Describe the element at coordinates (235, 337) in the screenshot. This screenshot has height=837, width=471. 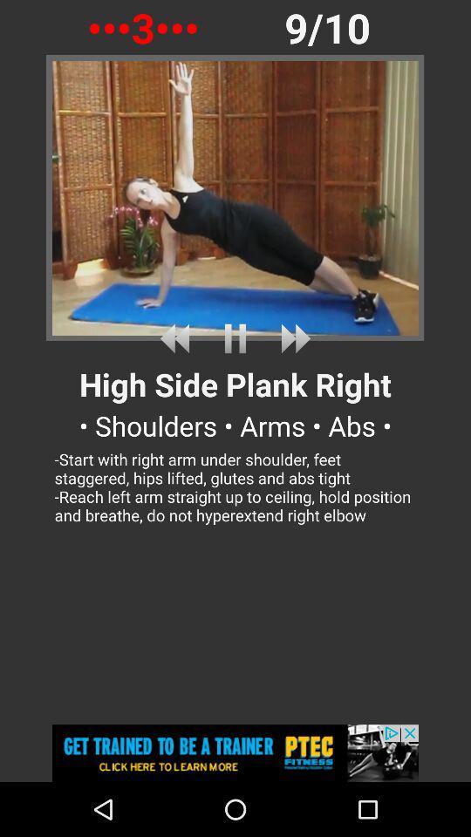
I see `pause` at that location.